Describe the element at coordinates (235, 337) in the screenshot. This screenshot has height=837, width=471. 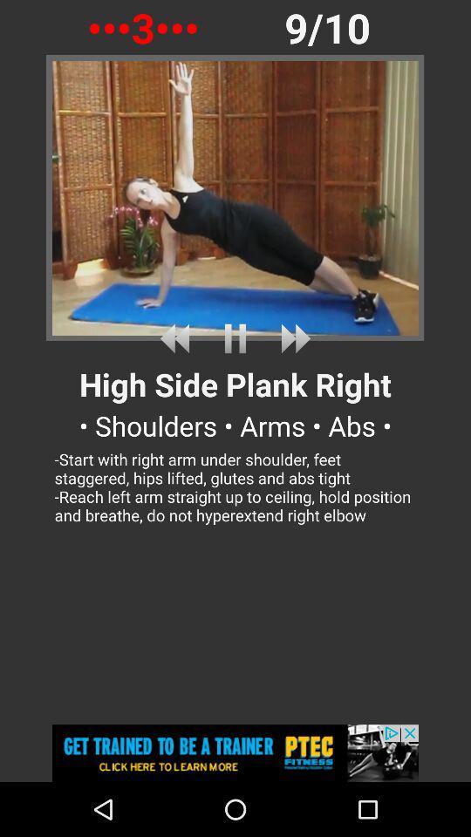
I see `pause` at that location.